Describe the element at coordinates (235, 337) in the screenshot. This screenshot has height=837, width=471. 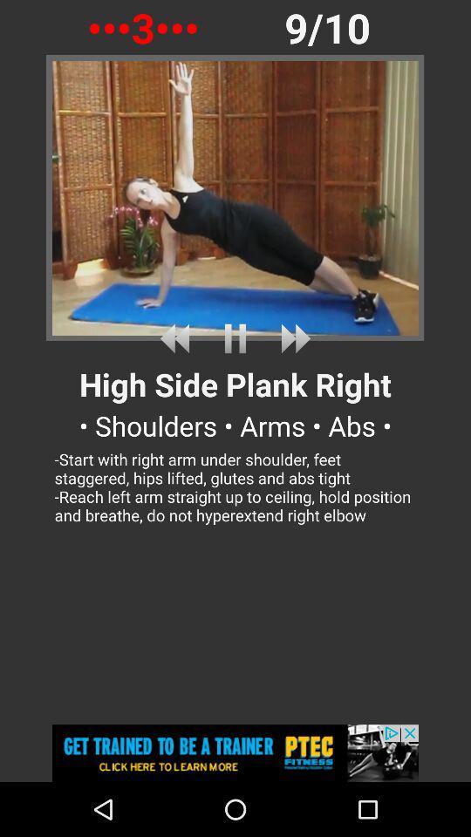
I see `pause` at that location.